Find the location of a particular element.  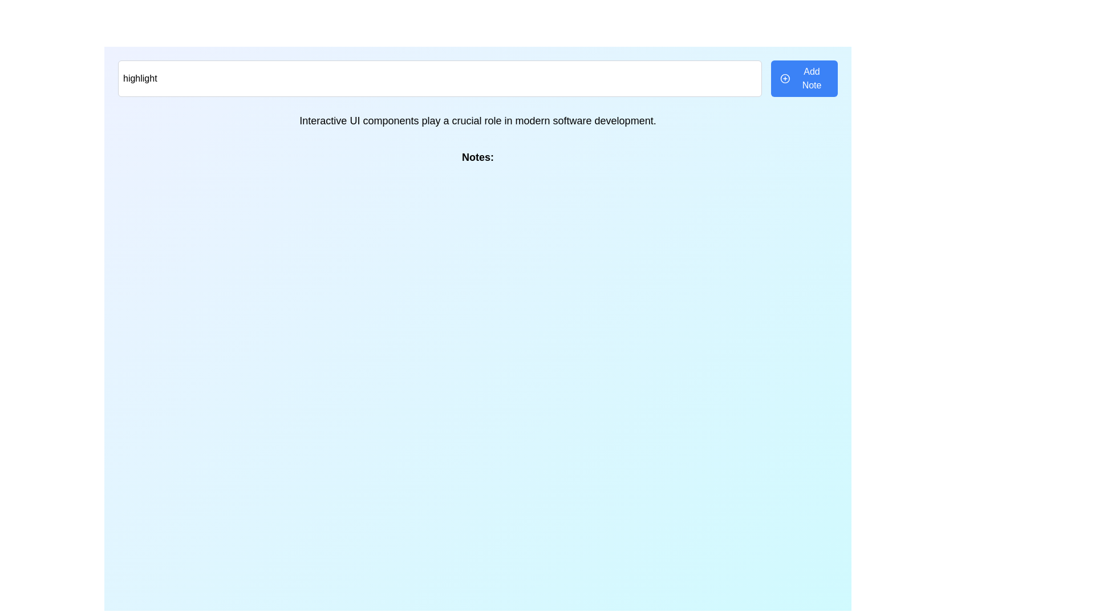

the text string that reads 'Interactive UI components play a crucial role in modern software development.', which is styled with a lighter weight font and larger size, located above the 'Notes:' section is located at coordinates (478, 121).